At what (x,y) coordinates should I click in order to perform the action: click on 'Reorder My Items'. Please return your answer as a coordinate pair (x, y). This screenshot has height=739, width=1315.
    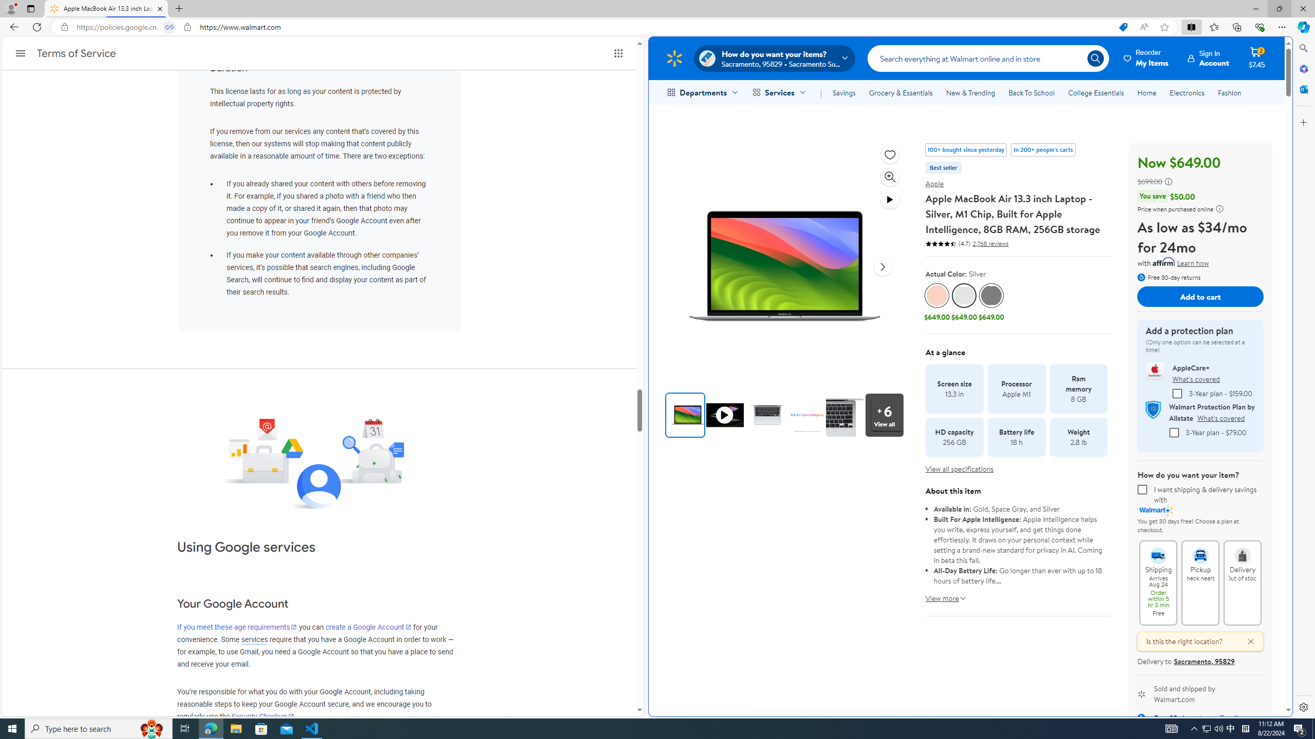
    Looking at the image, I should click on (1146, 57).